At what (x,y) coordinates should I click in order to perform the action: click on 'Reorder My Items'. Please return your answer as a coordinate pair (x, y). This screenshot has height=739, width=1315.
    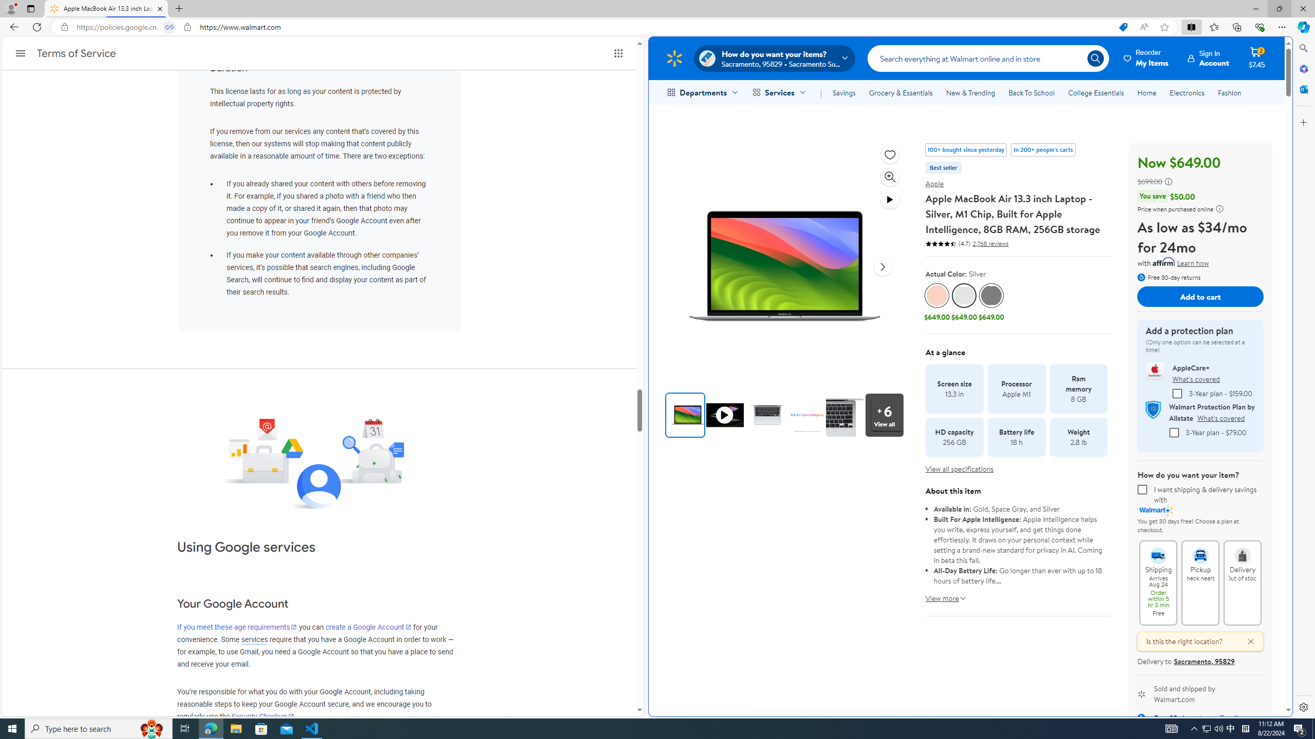
    Looking at the image, I should click on (1146, 57).